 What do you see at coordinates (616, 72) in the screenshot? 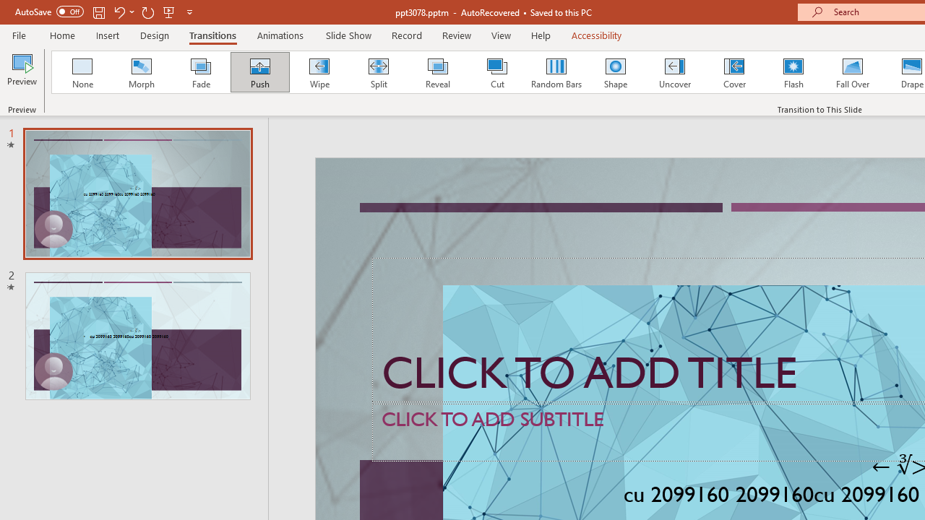
I see `'Shape'` at bounding box center [616, 72].